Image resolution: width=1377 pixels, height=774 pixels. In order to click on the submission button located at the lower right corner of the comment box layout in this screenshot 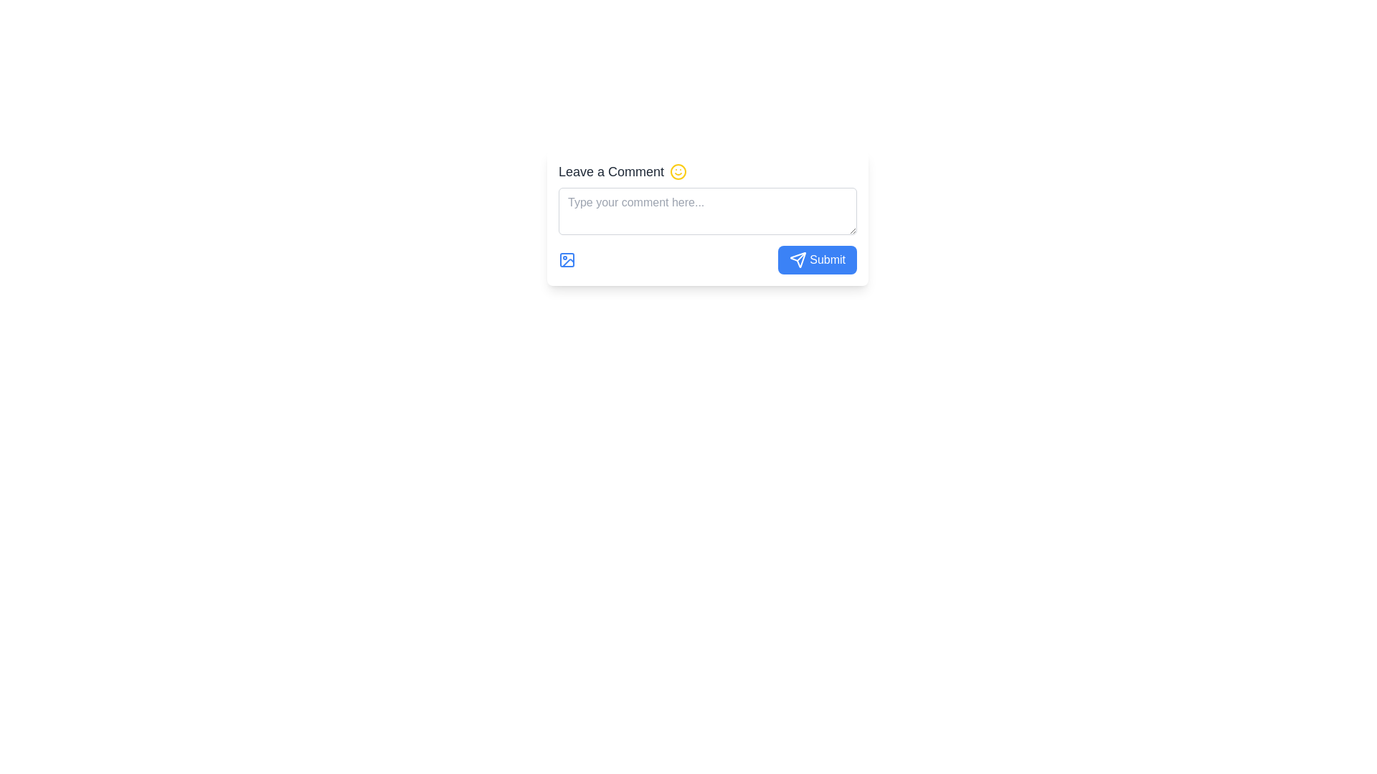, I will do `click(818, 259)`.